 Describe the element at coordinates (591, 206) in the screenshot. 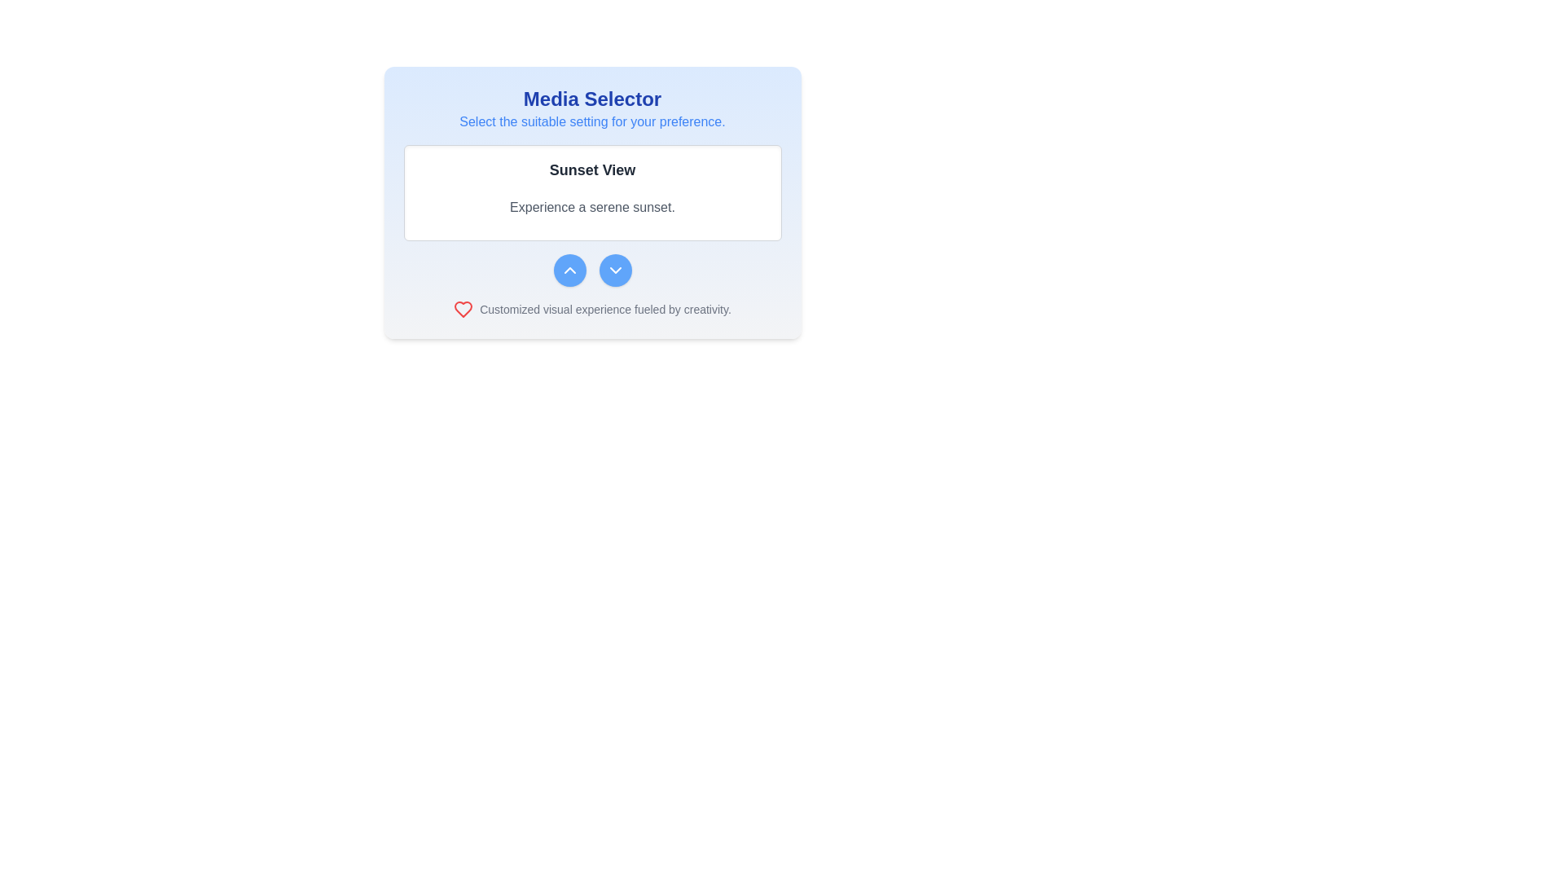

I see `the text label that reads 'Experience a serene sunset.' which is styled with a gray font and centered below the title 'Sunset View' in the white rectangular card` at that location.